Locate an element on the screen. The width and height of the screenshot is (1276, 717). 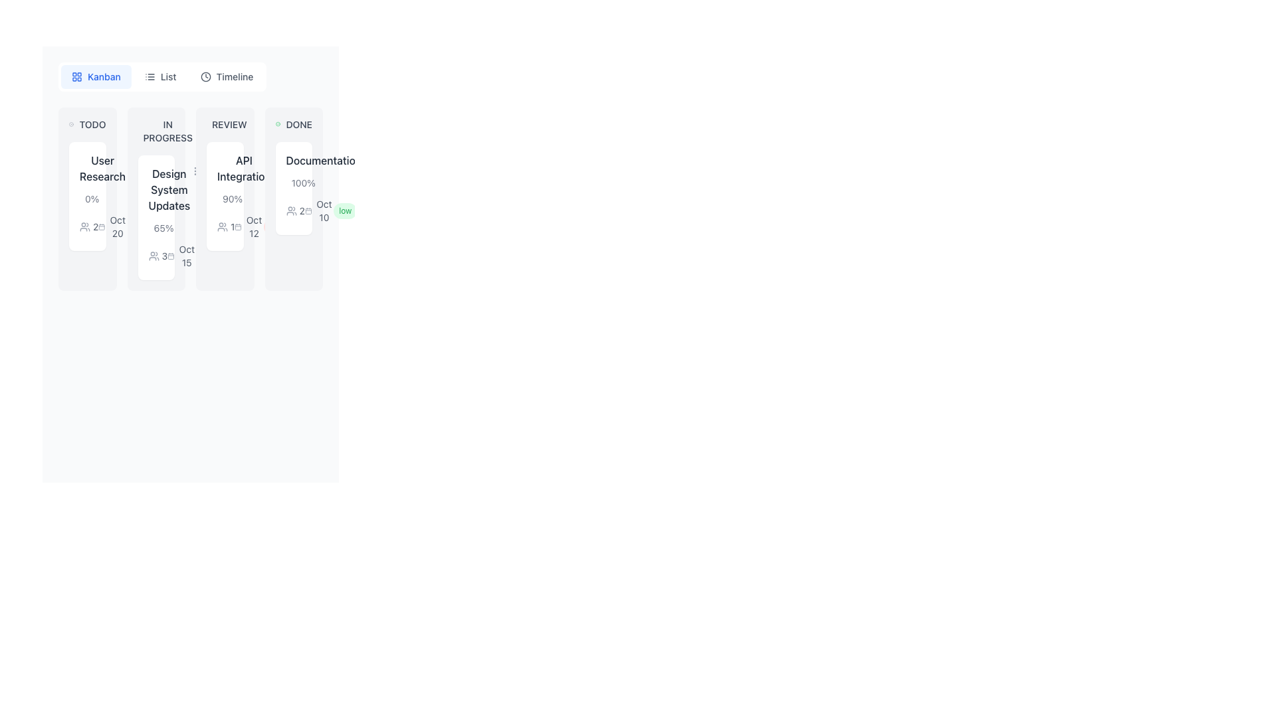
the 'Review' status label located at the top of the 'REVIEW' column, which indicates the content card titled 'API Integration.' is located at coordinates (225, 125).